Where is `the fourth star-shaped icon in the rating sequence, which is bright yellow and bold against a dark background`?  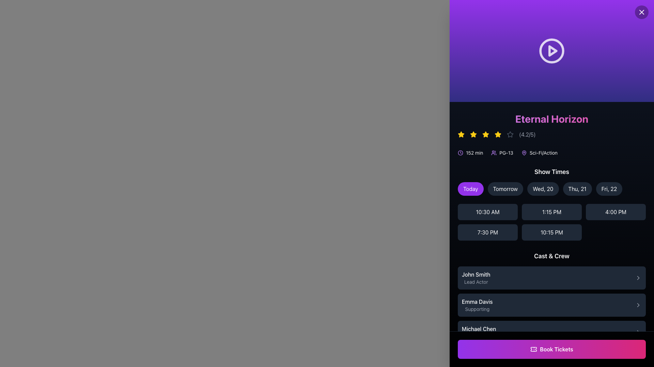 the fourth star-shaped icon in the rating sequence, which is bright yellow and bold against a dark background is located at coordinates (485, 135).